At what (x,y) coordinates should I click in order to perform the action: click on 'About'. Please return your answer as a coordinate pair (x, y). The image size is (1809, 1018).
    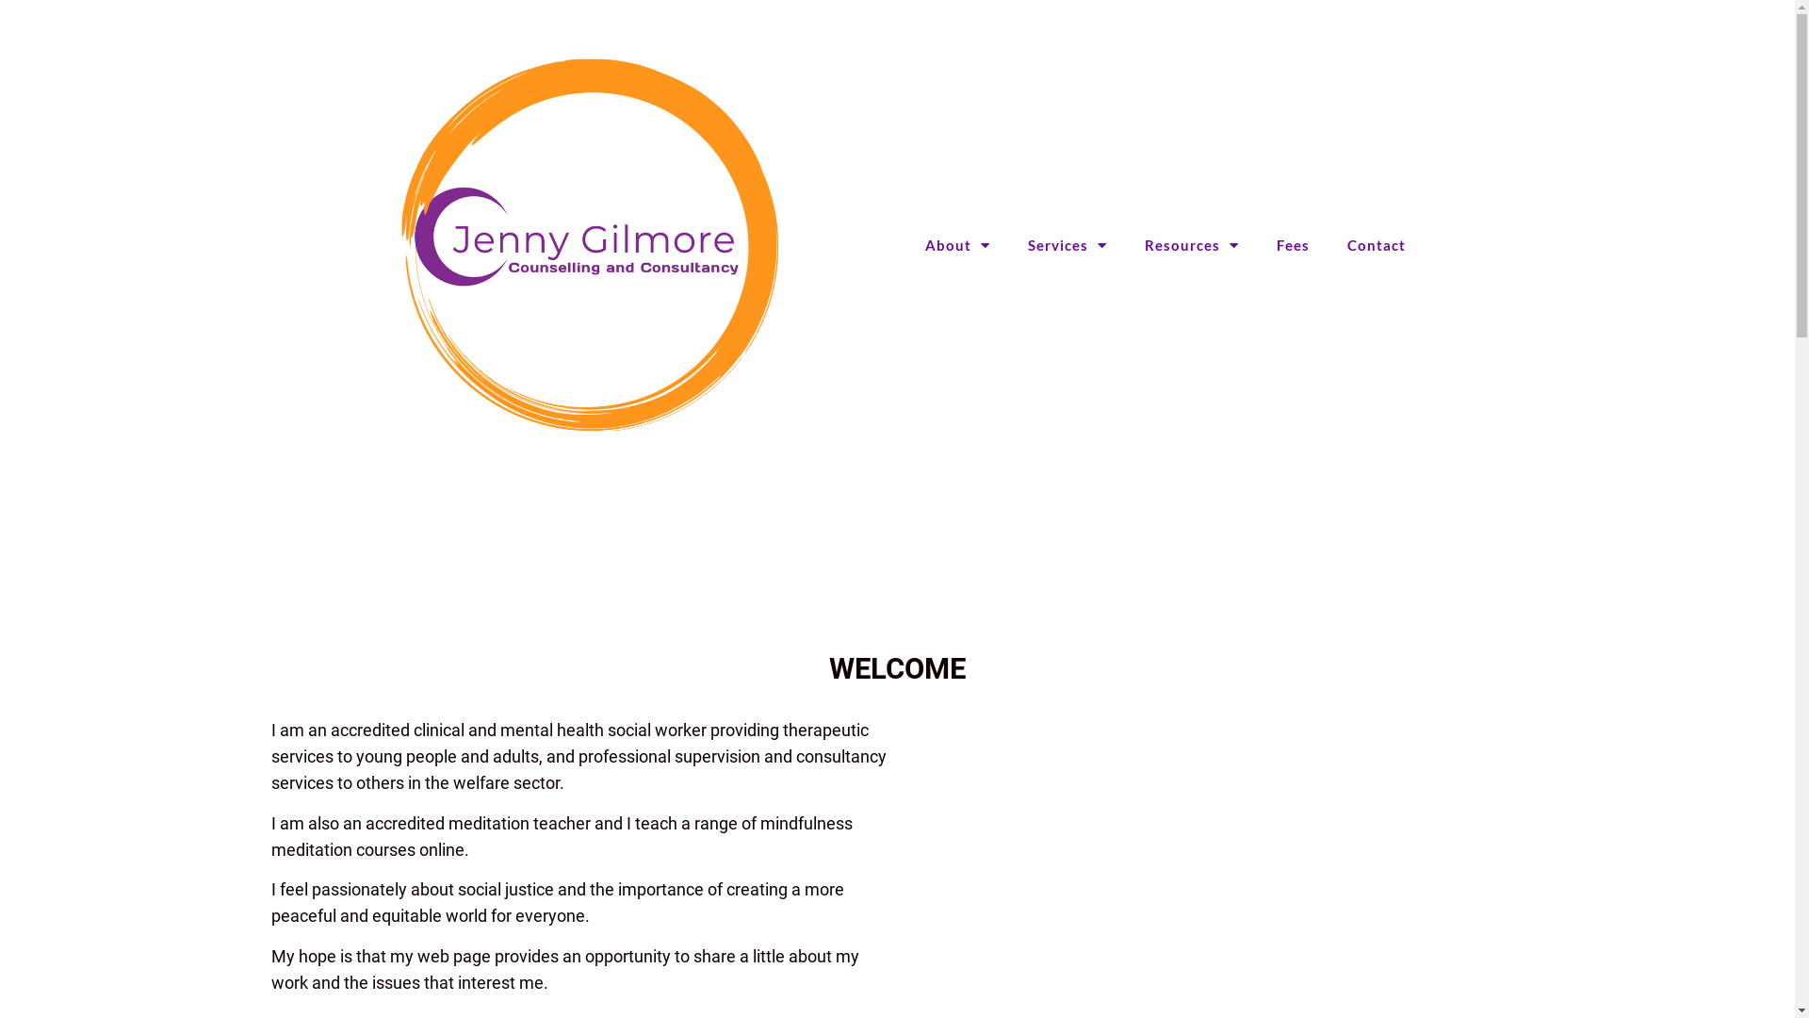
    Looking at the image, I should click on (957, 243).